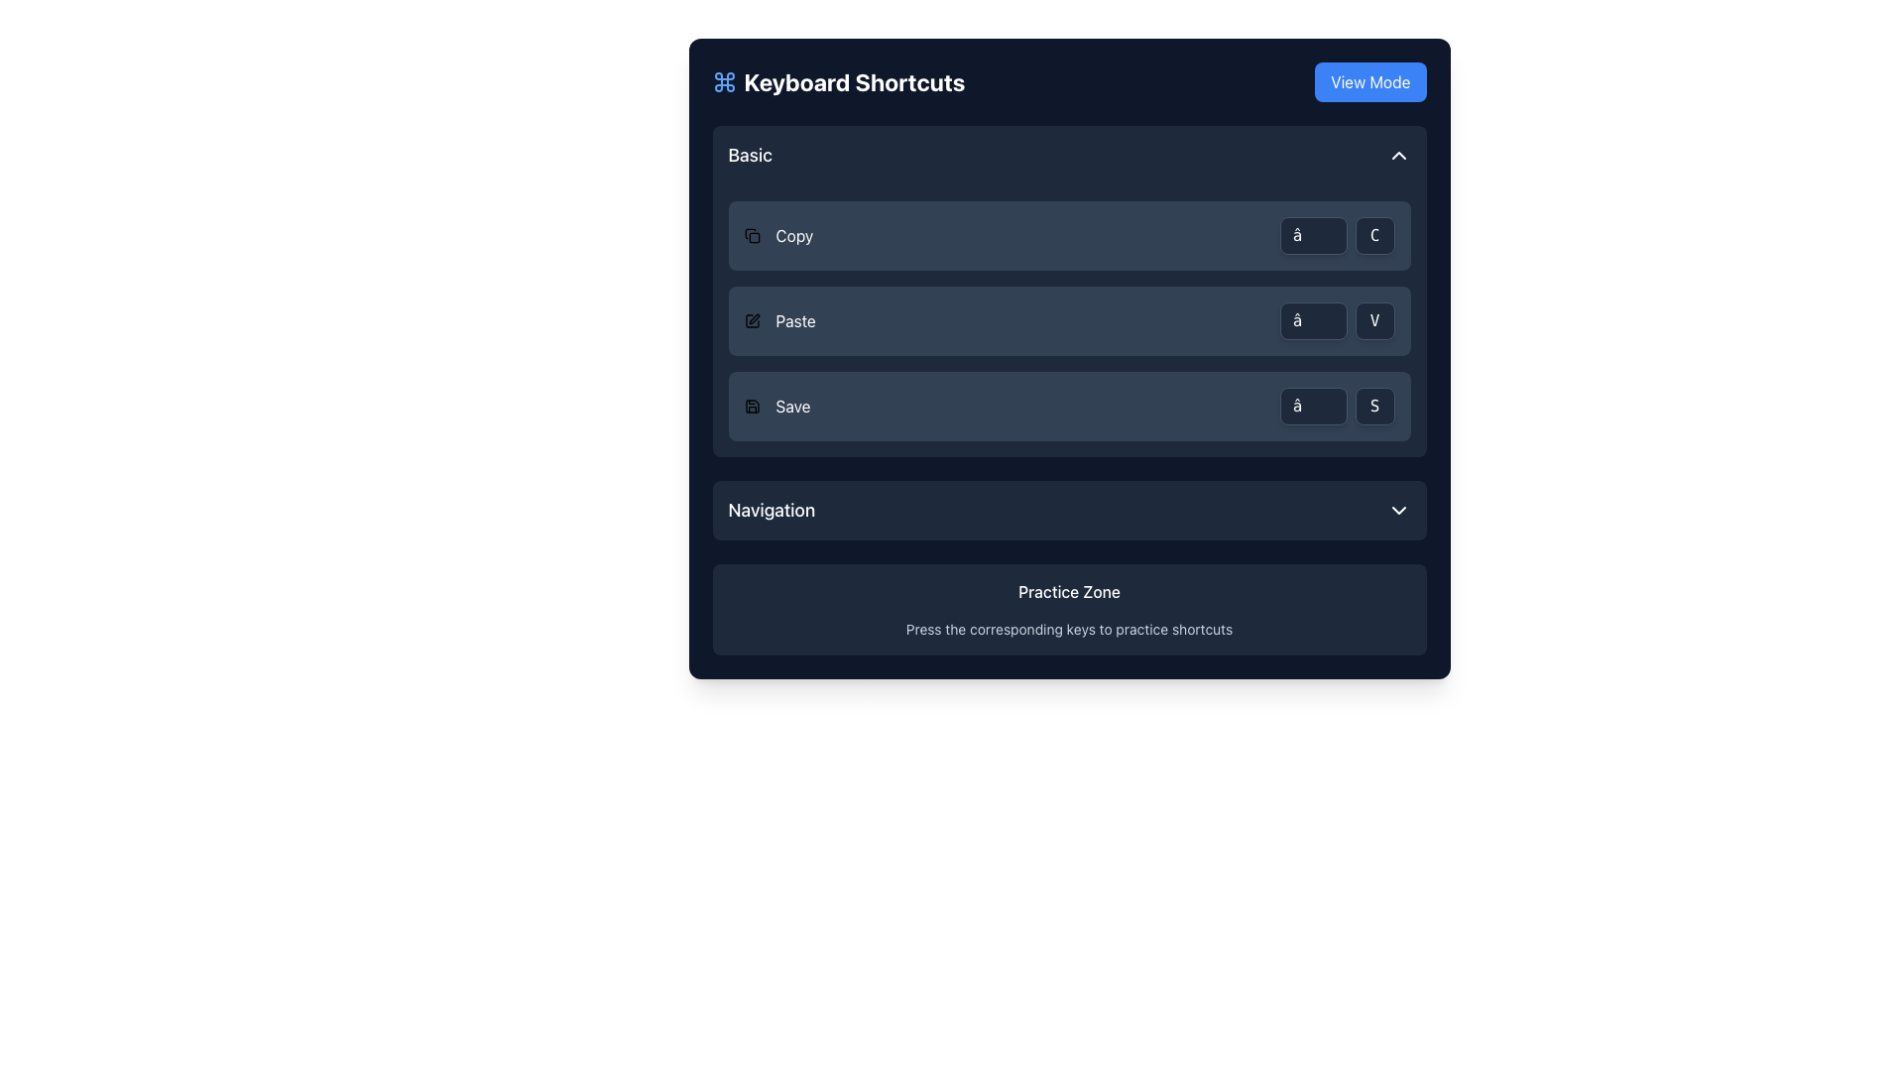  I want to click on the 'C' button, which represents the 'C' key on the keyboard and is the second button in a horizontal arrangement within the 'Keyboard Shortcuts' panel, so click(1373, 235).